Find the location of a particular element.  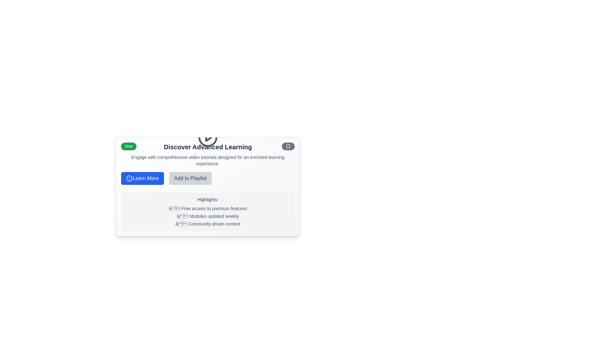

the upward-pointing triangular shape within the gray circular icon located in the header section above the 'Discover Advanced Learning' title is located at coordinates (209, 137).